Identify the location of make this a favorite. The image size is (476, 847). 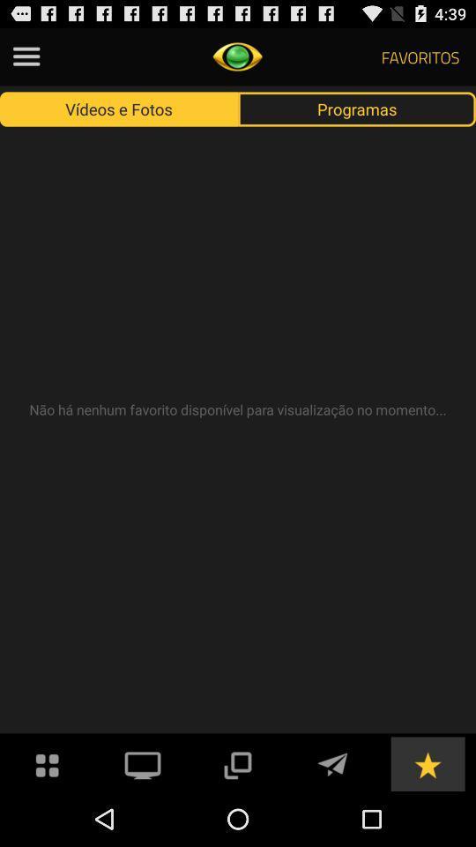
(427, 762).